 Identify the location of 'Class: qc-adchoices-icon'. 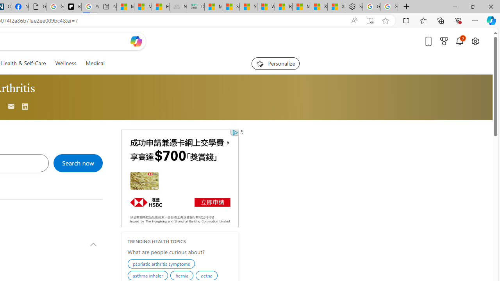
(235, 132).